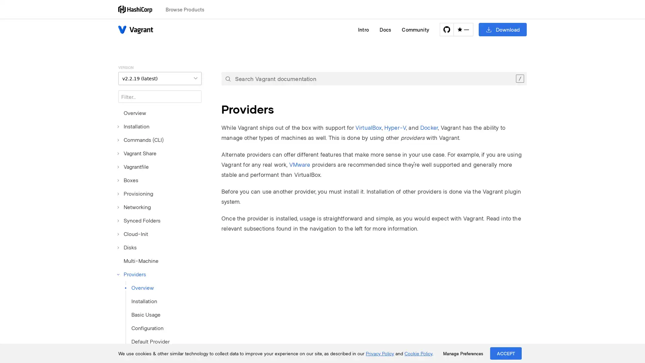 This screenshot has width=645, height=363. What do you see at coordinates (133, 233) in the screenshot?
I see `Cloud-Init` at bounding box center [133, 233].